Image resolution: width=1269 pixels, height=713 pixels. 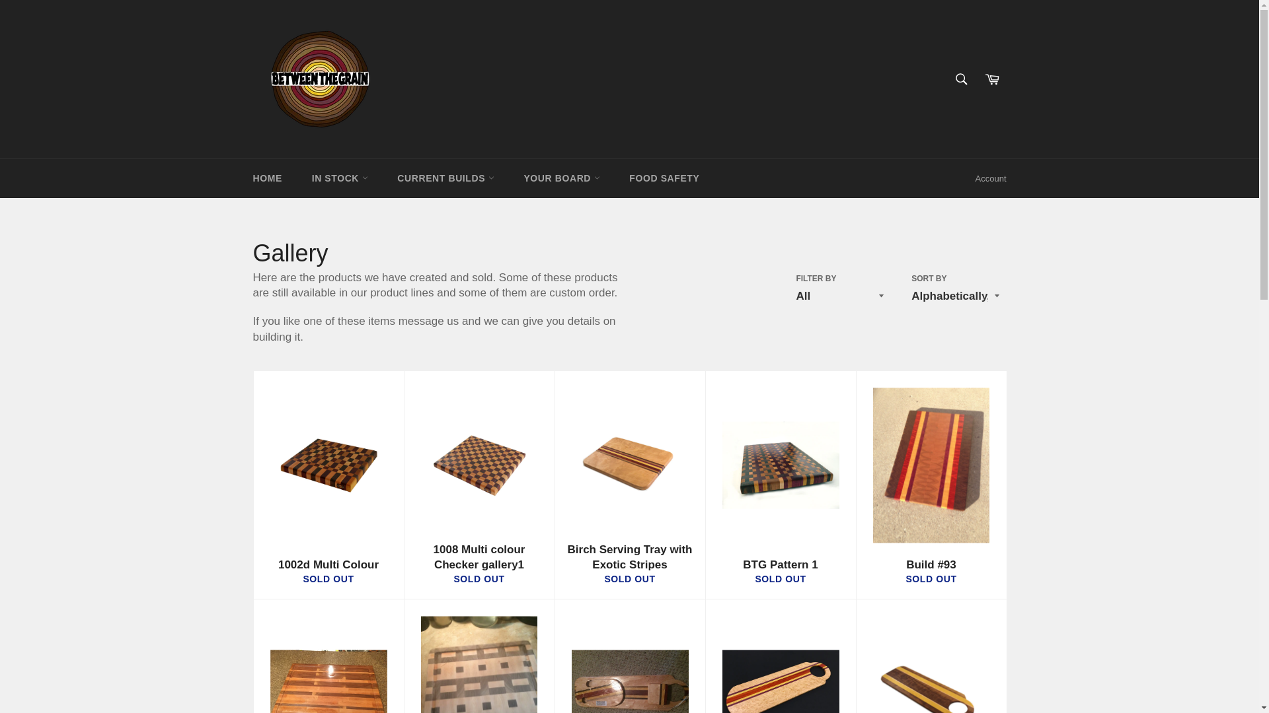 What do you see at coordinates (991, 178) in the screenshot?
I see `'Account'` at bounding box center [991, 178].